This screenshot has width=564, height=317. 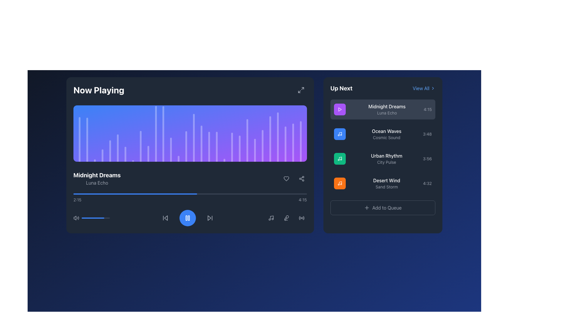 What do you see at coordinates (301, 178) in the screenshot?
I see `the 'share' icon button located in the bottom-right corner of the digital player, positioned between the heart icon and the time duration text '4:15'` at bounding box center [301, 178].